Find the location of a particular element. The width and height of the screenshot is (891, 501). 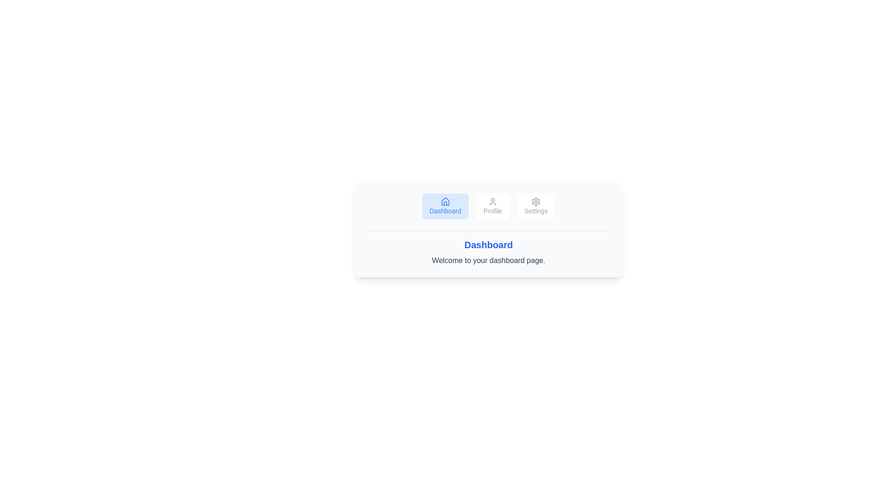

the Profile tab by clicking on it is located at coordinates (492, 206).